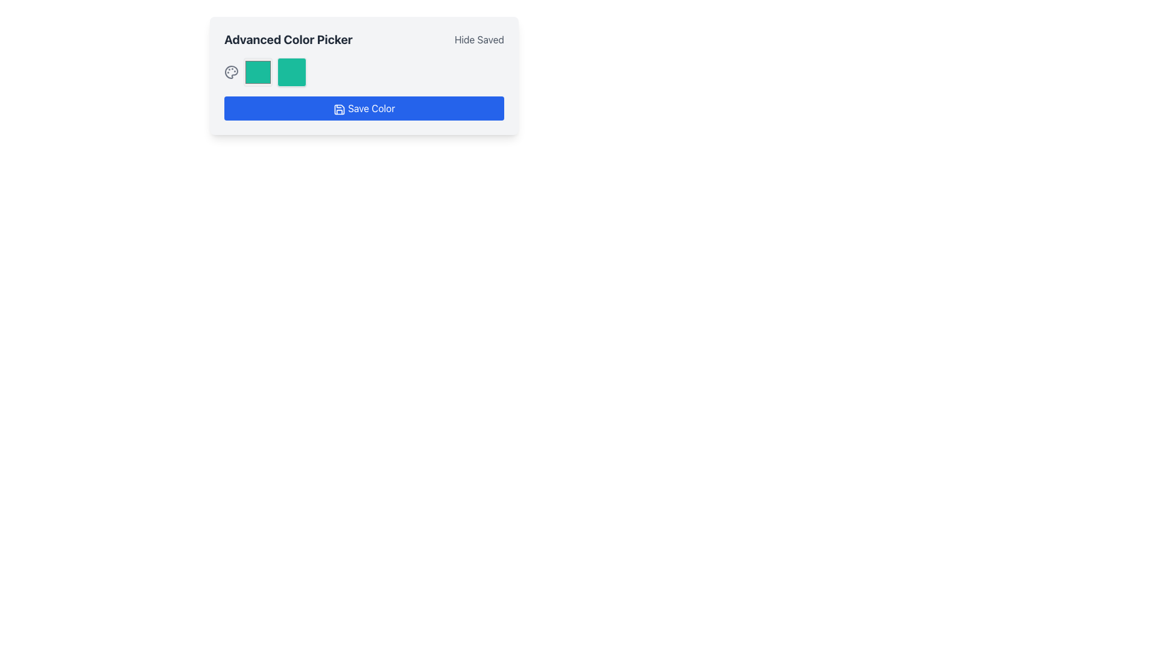 Image resolution: width=1158 pixels, height=651 pixels. What do you see at coordinates (232, 72) in the screenshot?
I see `the color picking icon located on the leftmost side of the horizontal layout, near the label 'Advanced Color Picker'` at bounding box center [232, 72].